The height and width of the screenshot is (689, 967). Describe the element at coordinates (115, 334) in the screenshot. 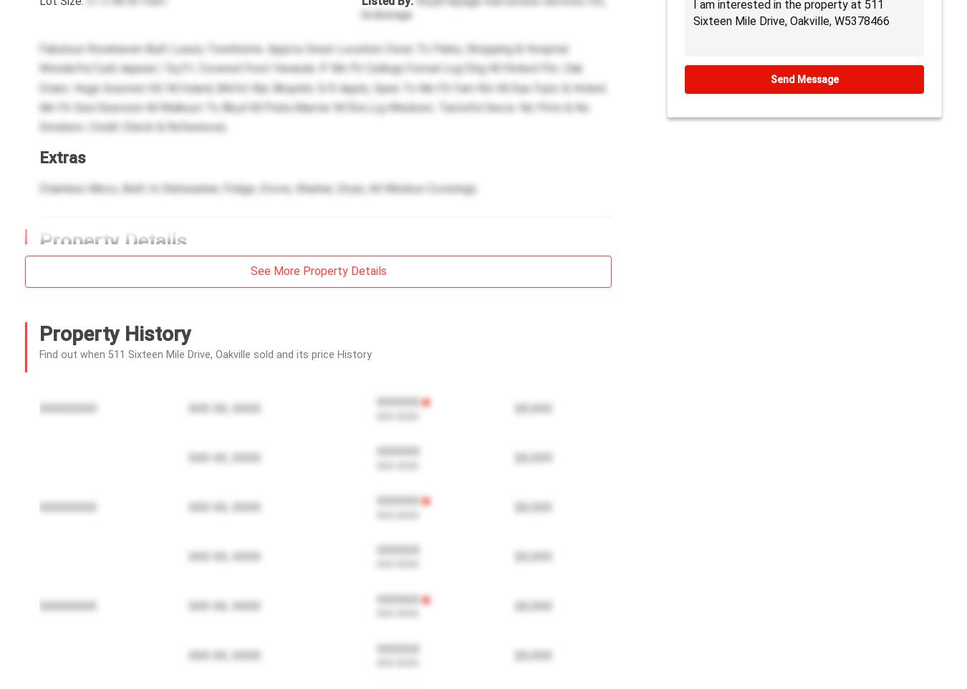

I see `'Property History'` at that location.